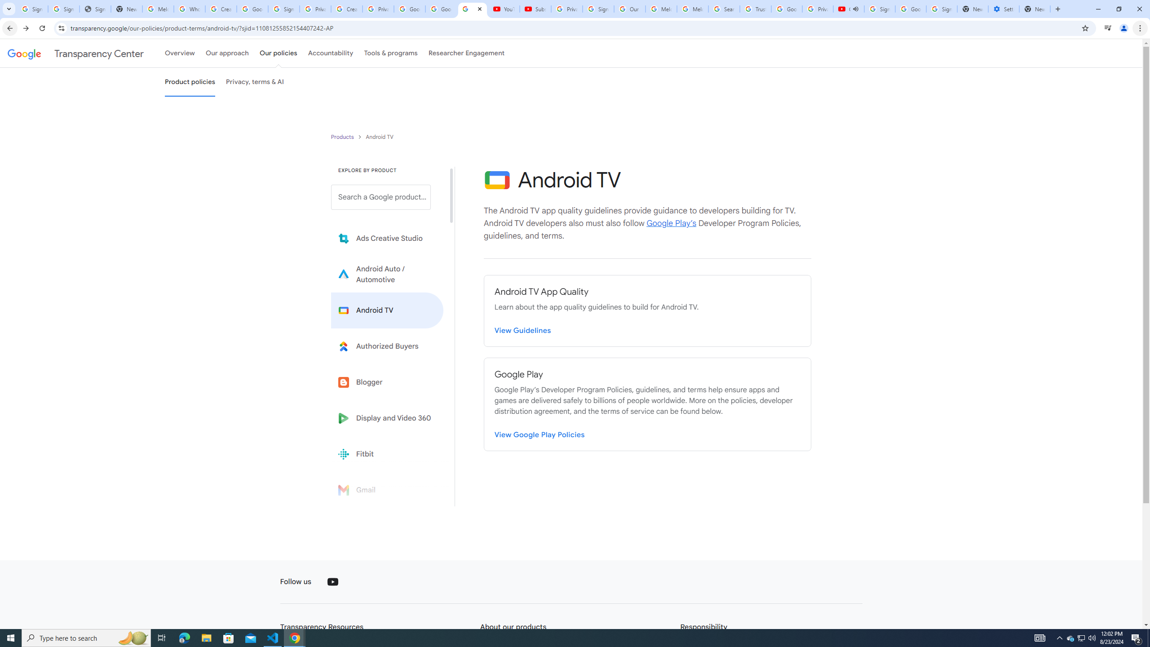 Image resolution: width=1150 pixels, height=647 pixels. I want to click on 'Learn more about Ads Creative Studio', so click(387, 239).